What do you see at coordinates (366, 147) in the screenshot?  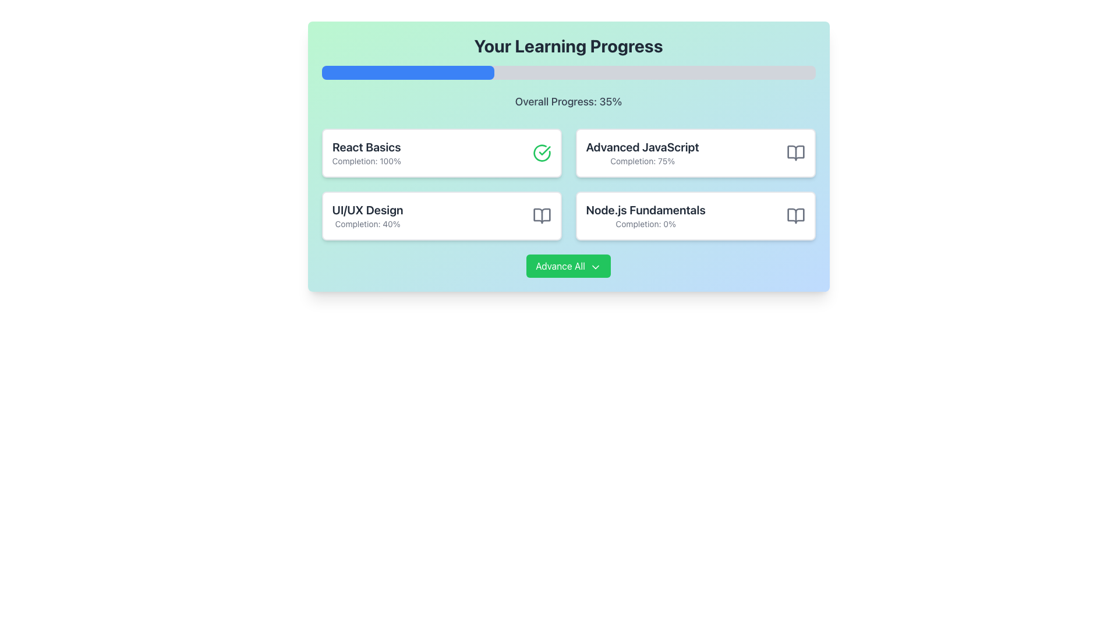 I see `text from the header label that indicates the name of the course or topic, located in the upper-left section of the card-like structure` at bounding box center [366, 147].